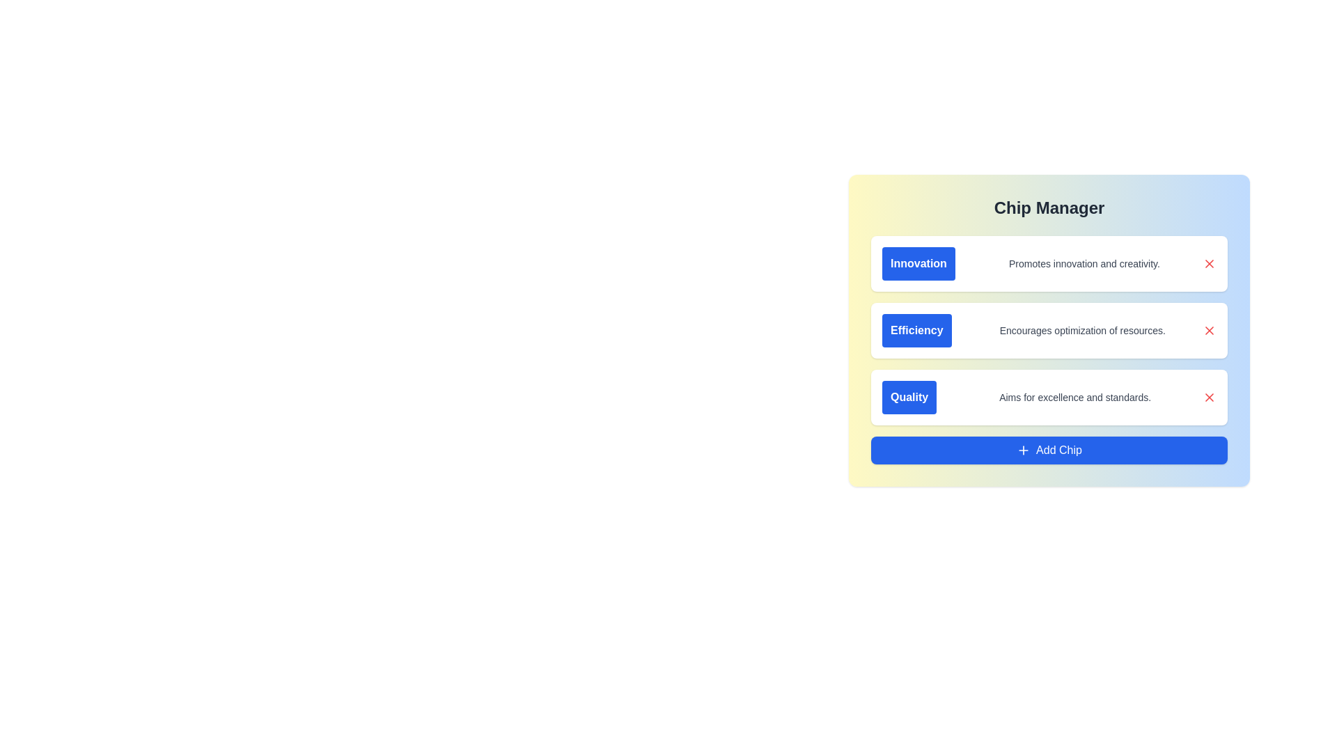 This screenshot has width=1337, height=752. Describe the element at coordinates (1049, 451) in the screenshot. I see `the 'Add Chip' button to add a new item` at that location.